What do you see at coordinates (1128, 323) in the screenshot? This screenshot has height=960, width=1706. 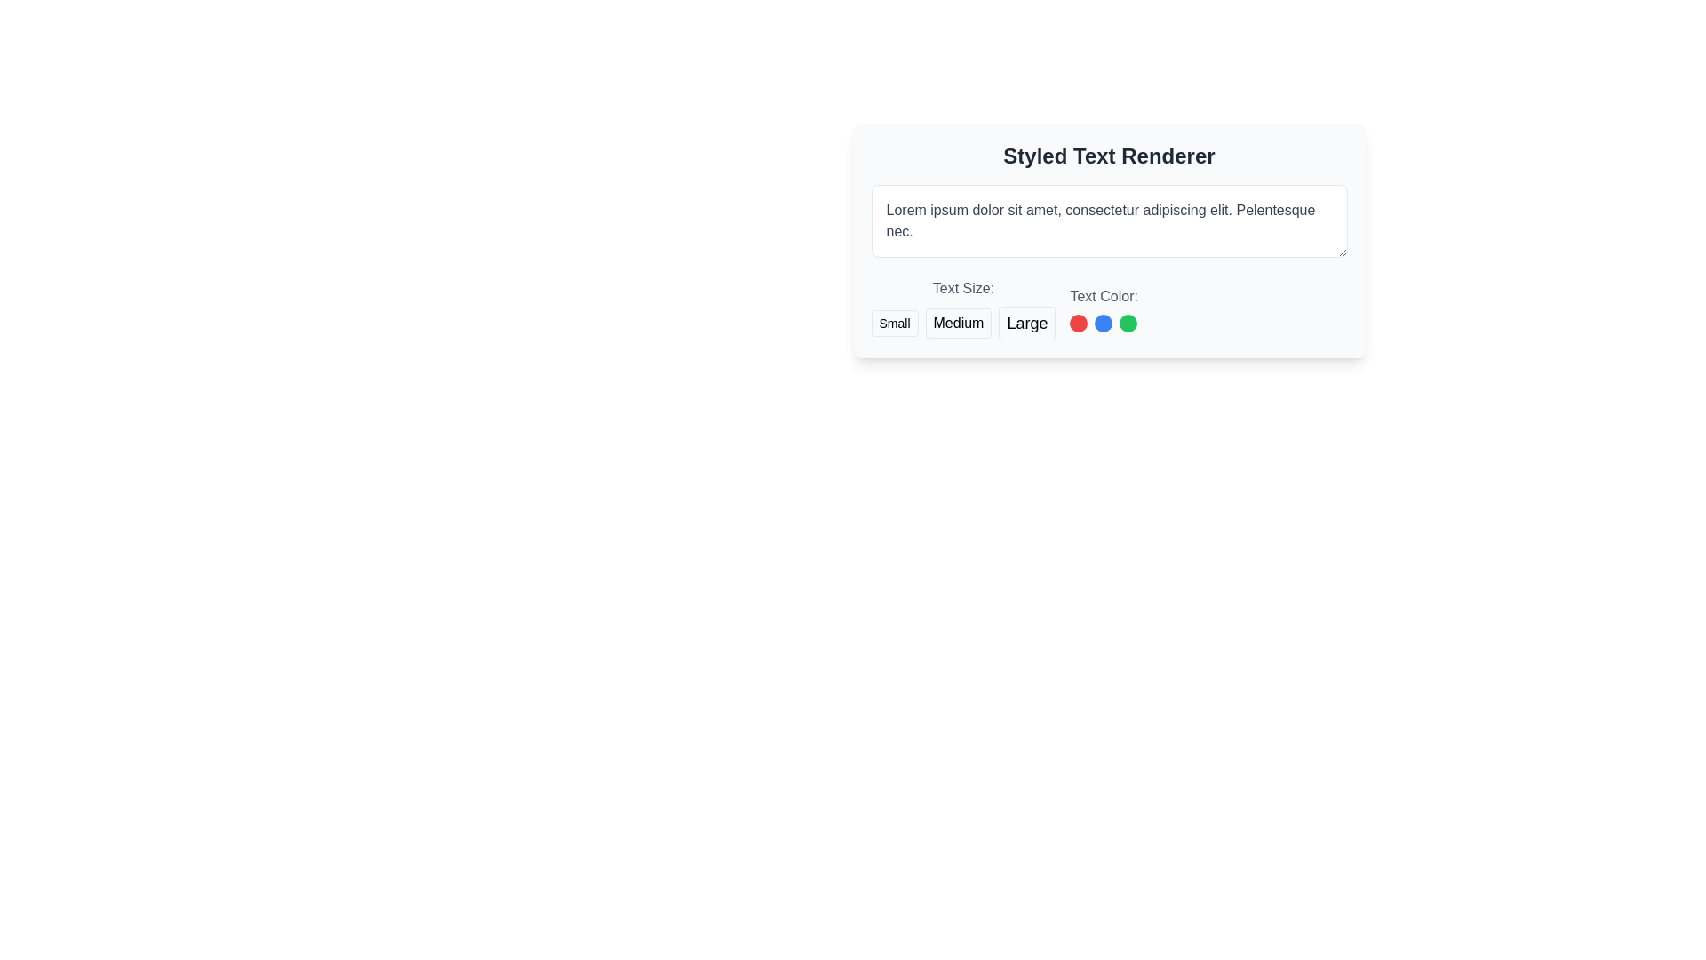 I see `the green color selection button` at bounding box center [1128, 323].